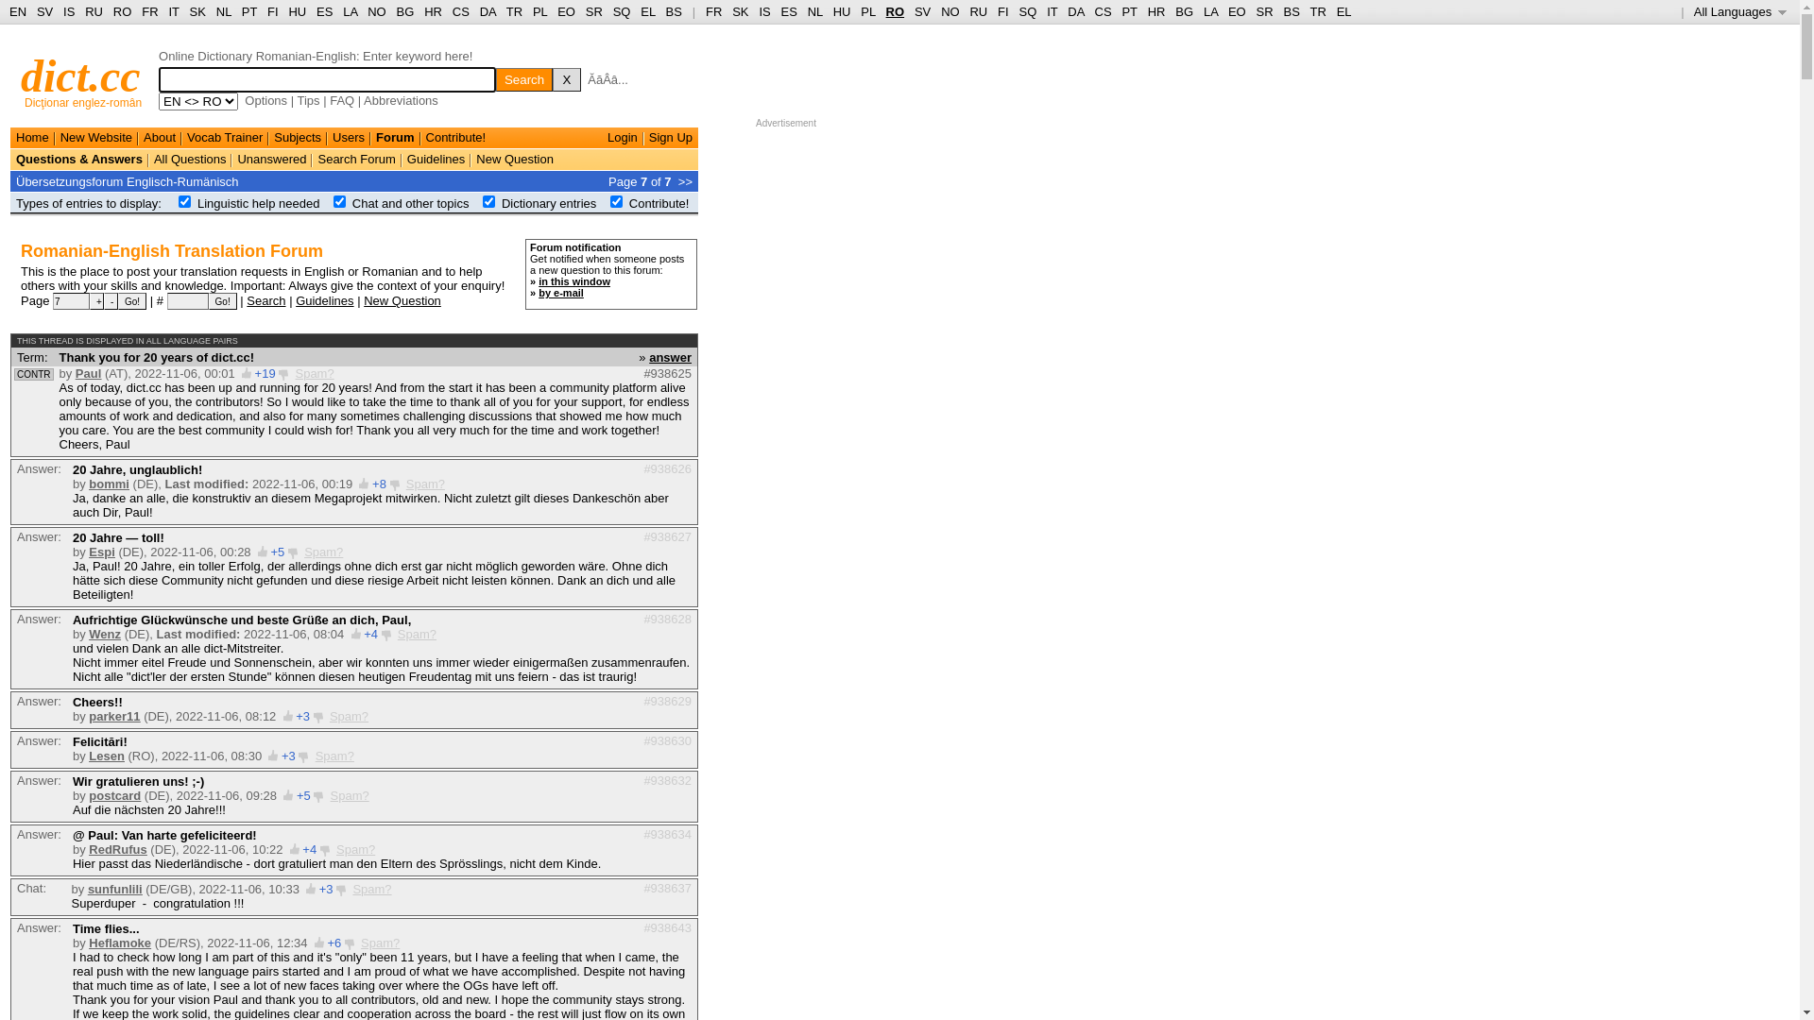 The image size is (1814, 1020). What do you see at coordinates (1202, 11) in the screenshot?
I see `'LA'` at bounding box center [1202, 11].